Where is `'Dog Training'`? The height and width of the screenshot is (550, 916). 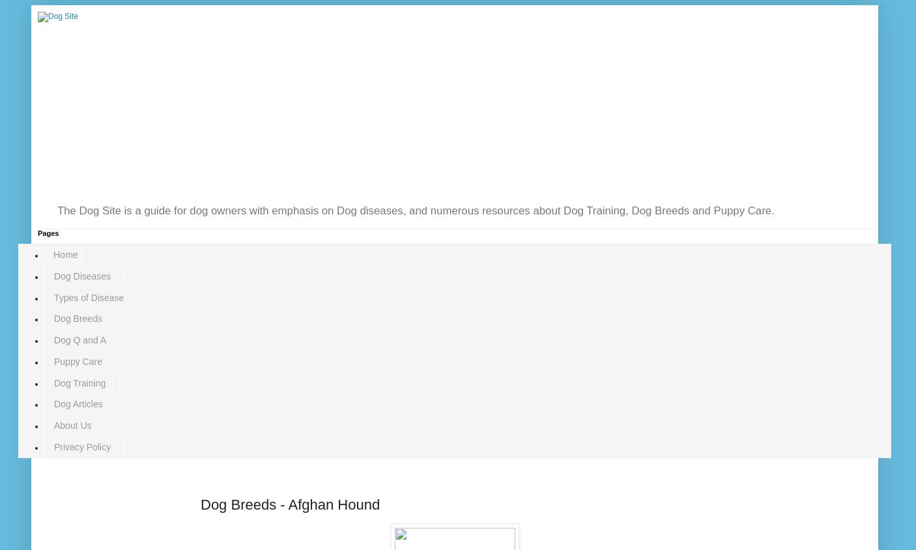
'Dog Training' is located at coordinates (53, 383).